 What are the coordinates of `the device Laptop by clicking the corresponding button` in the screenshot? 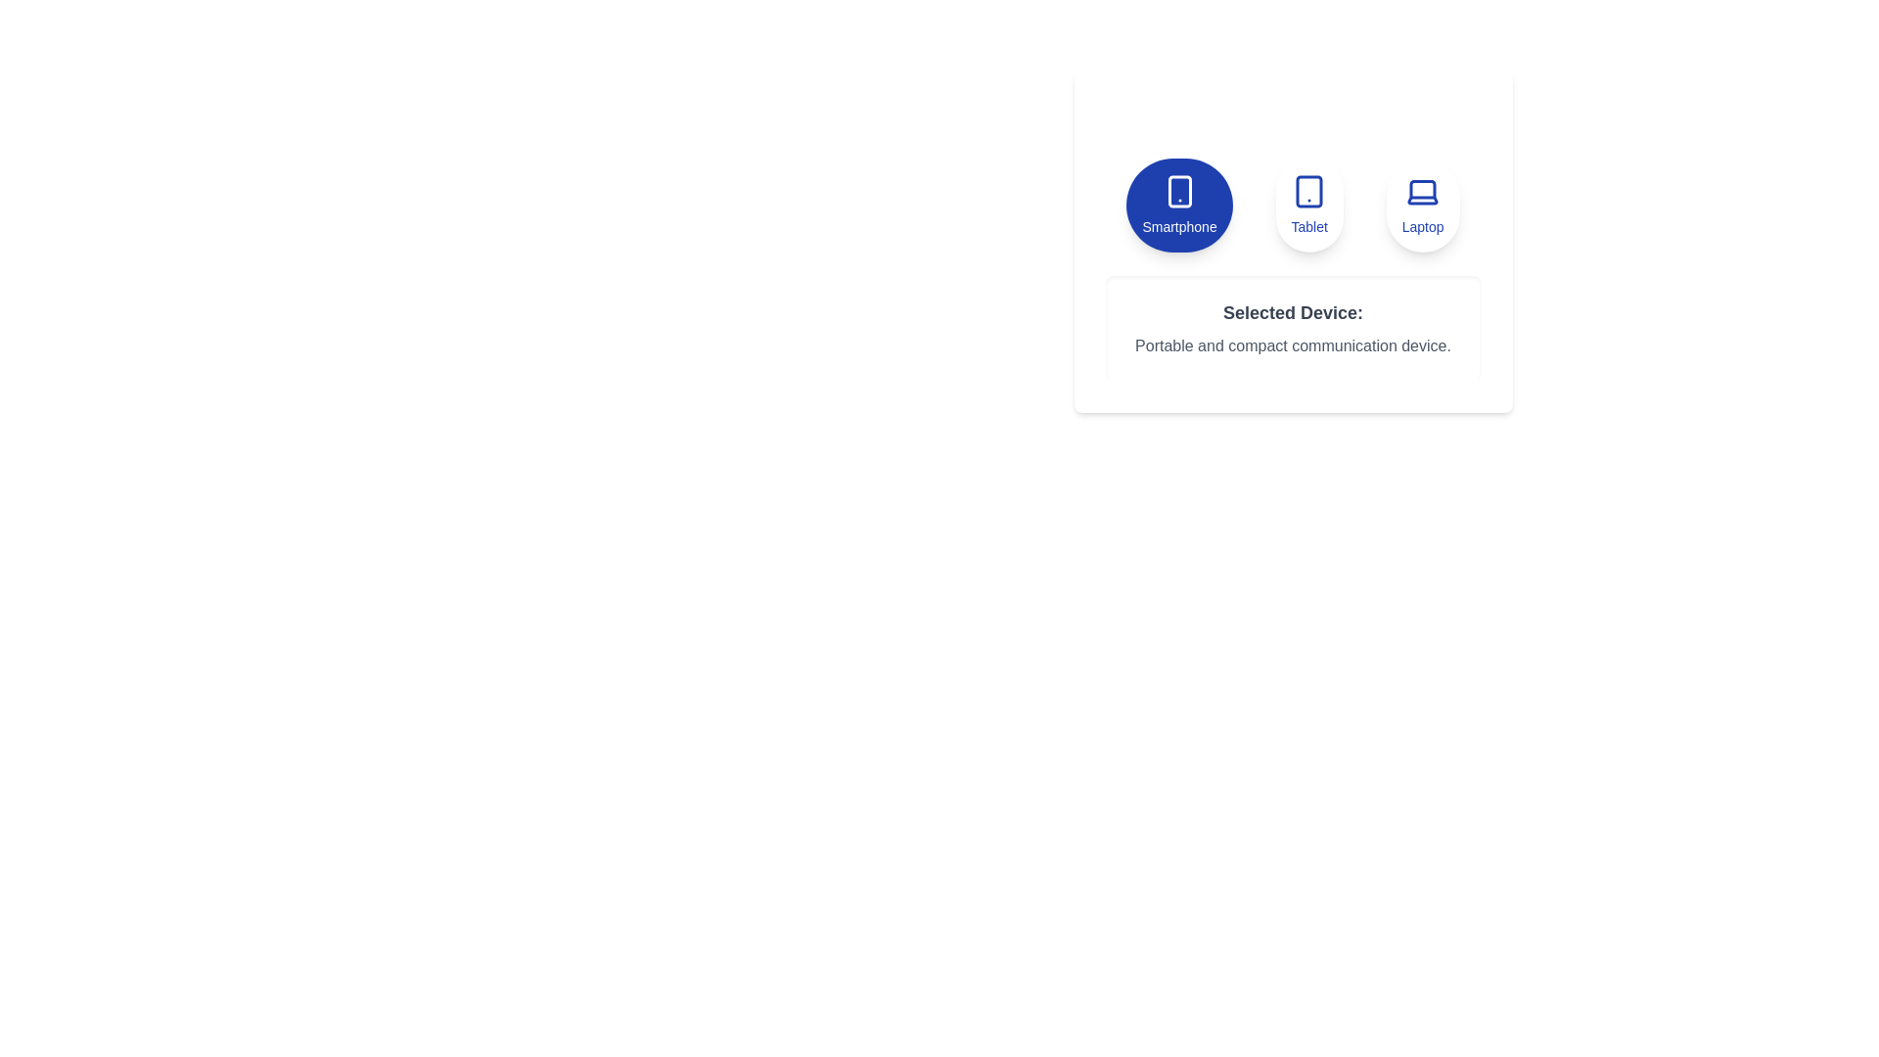 It's located at (1423, 205).